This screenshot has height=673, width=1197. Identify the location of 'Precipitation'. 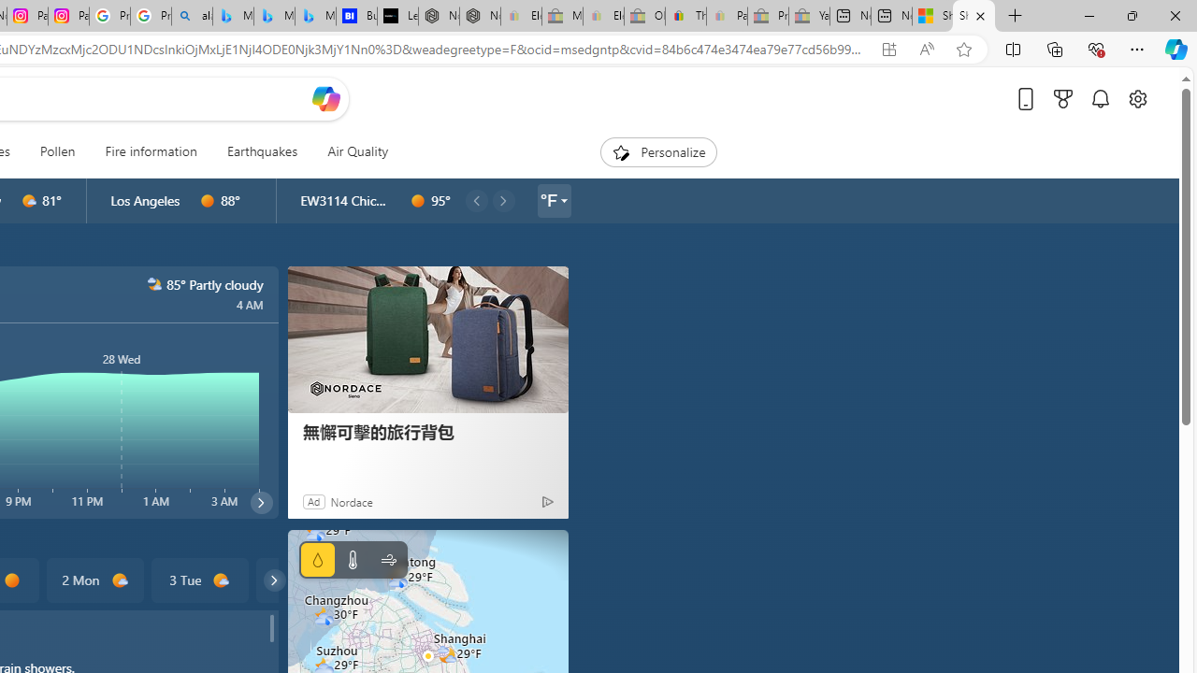
(317, 559).